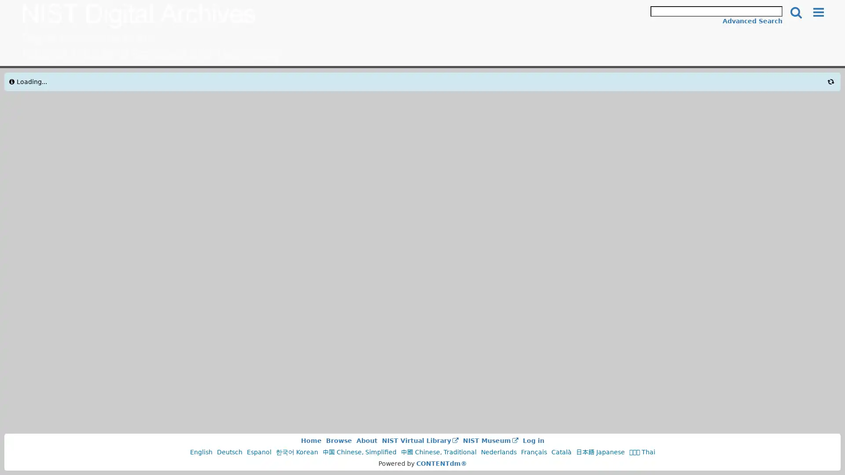 This screenshot has height=475, width=845. What do you see at coordinates (557, 154) in the screenshot?
I see `Page 6` at bounding box center [557, 154].